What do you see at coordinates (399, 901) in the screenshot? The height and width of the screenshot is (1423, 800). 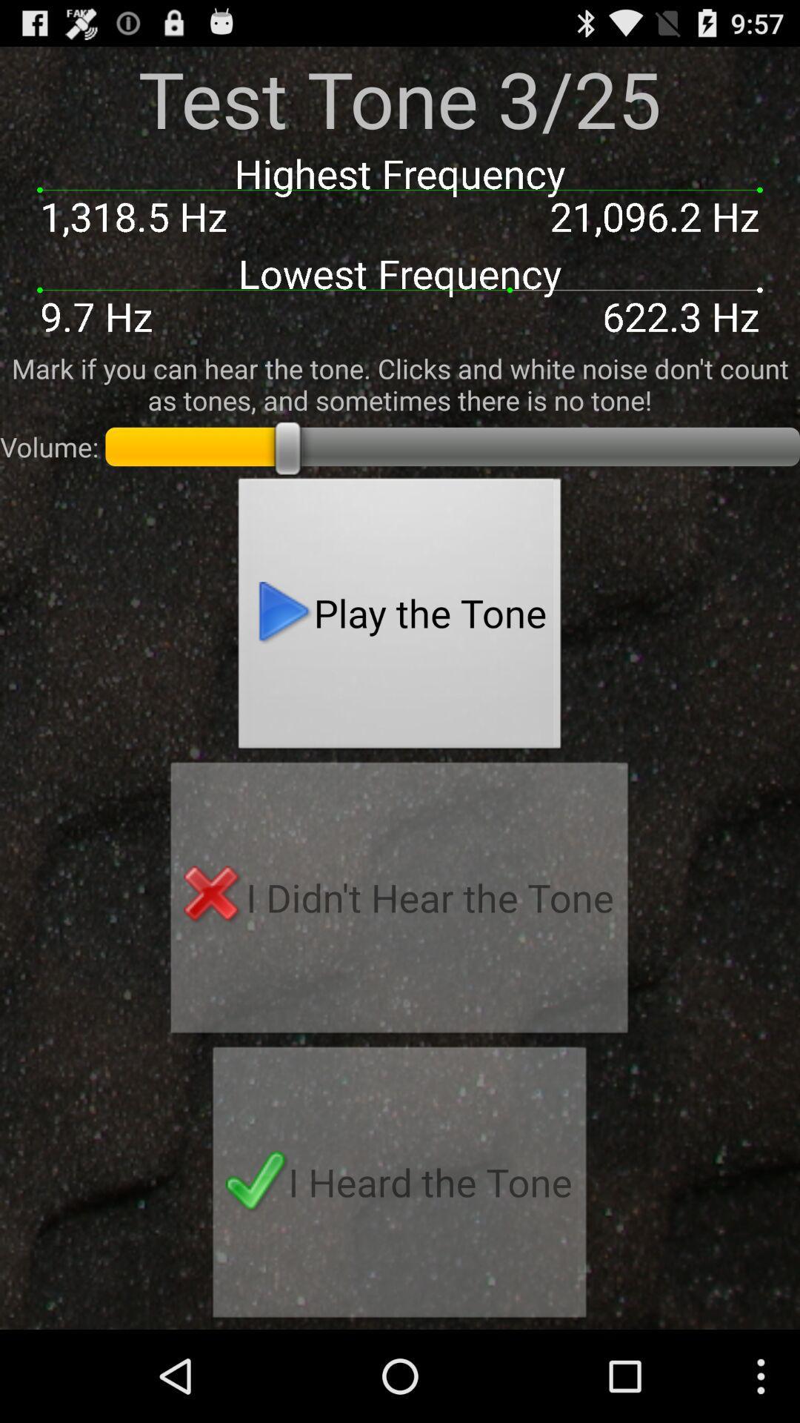 I see `icon below play the tone` at bounding box center [399, 901].